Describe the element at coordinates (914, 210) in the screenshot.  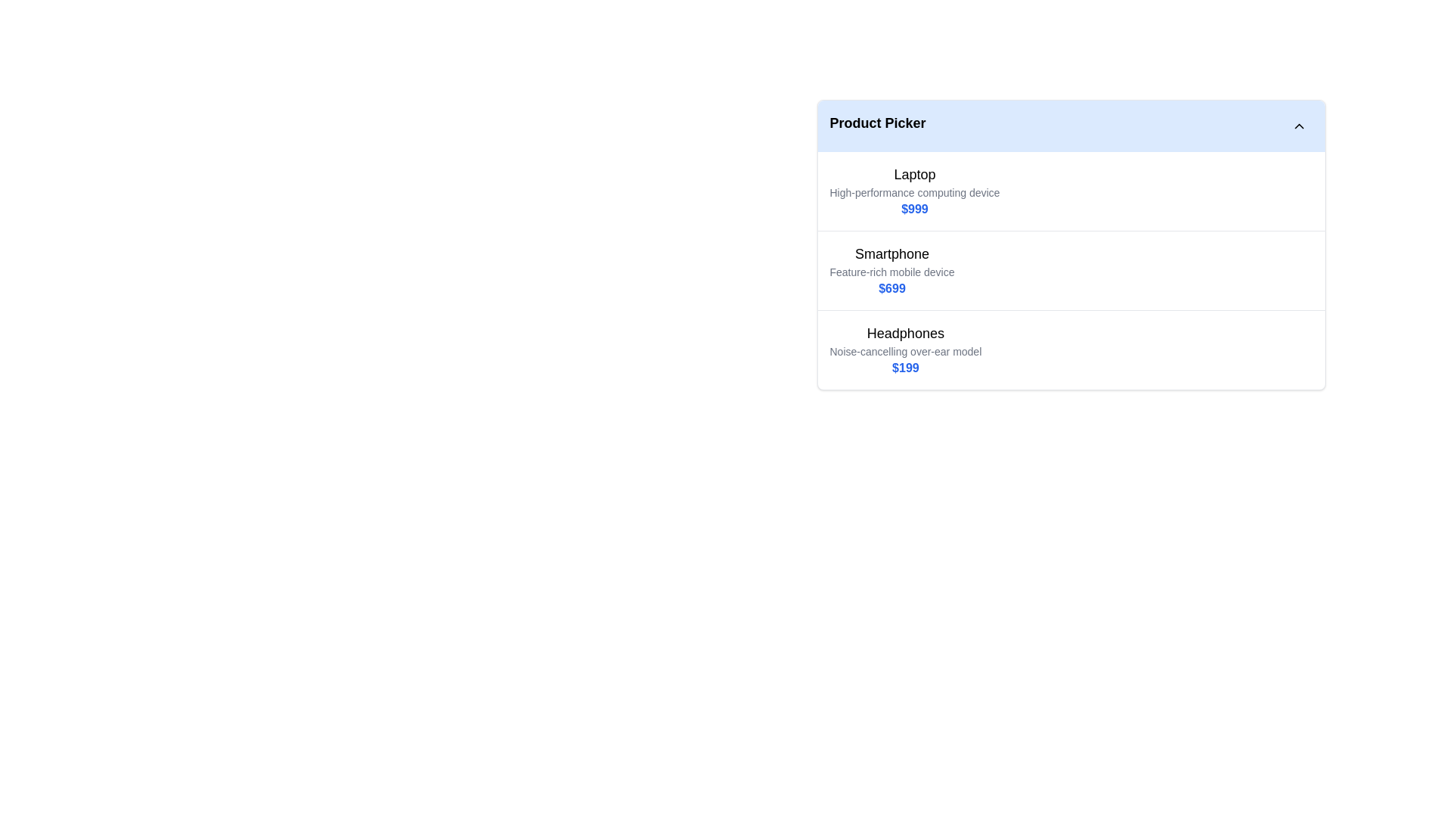
I see `the static text displaying '$999' styled in blue color and bold font, located below the description of a laptop model in the 'Product Picker' section` at that location.